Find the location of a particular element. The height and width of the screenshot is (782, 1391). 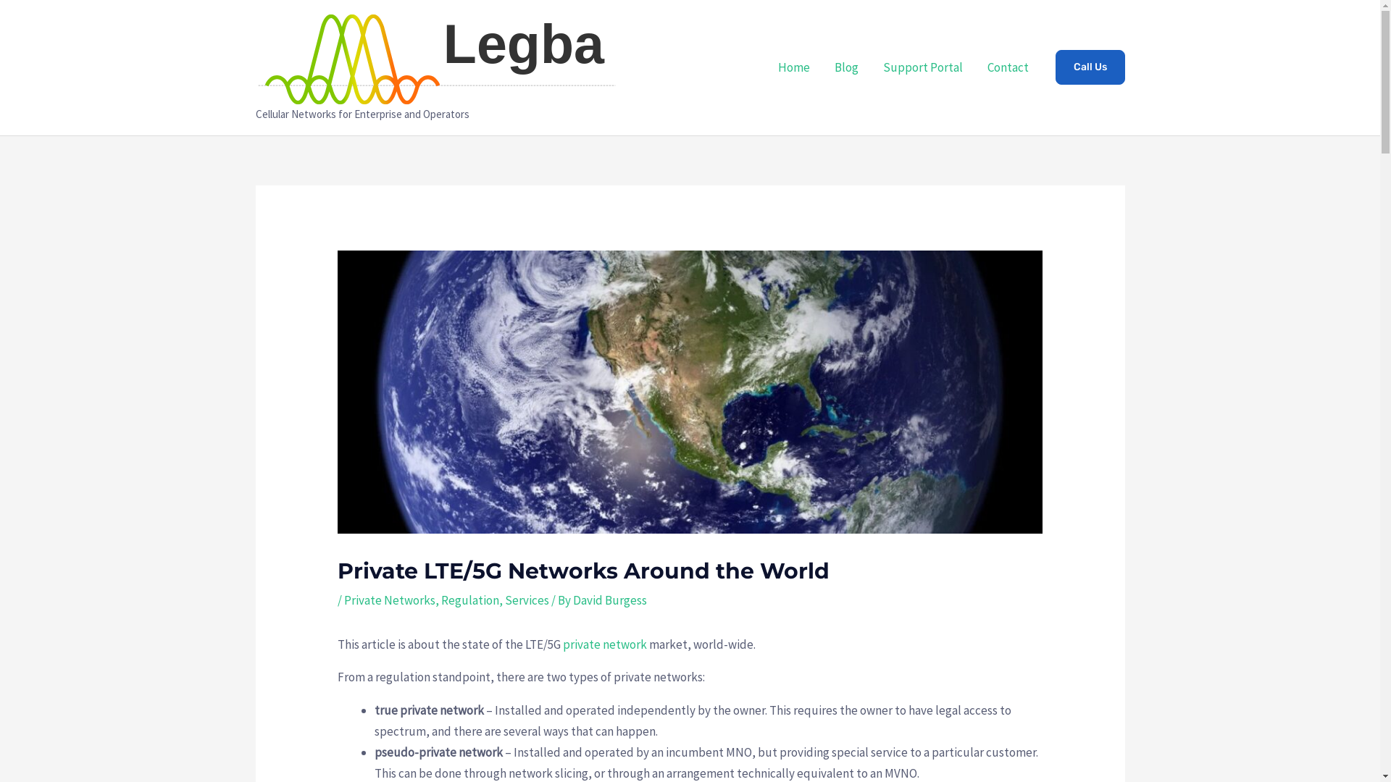

'Contact' is located at coordinates (1007, 67).